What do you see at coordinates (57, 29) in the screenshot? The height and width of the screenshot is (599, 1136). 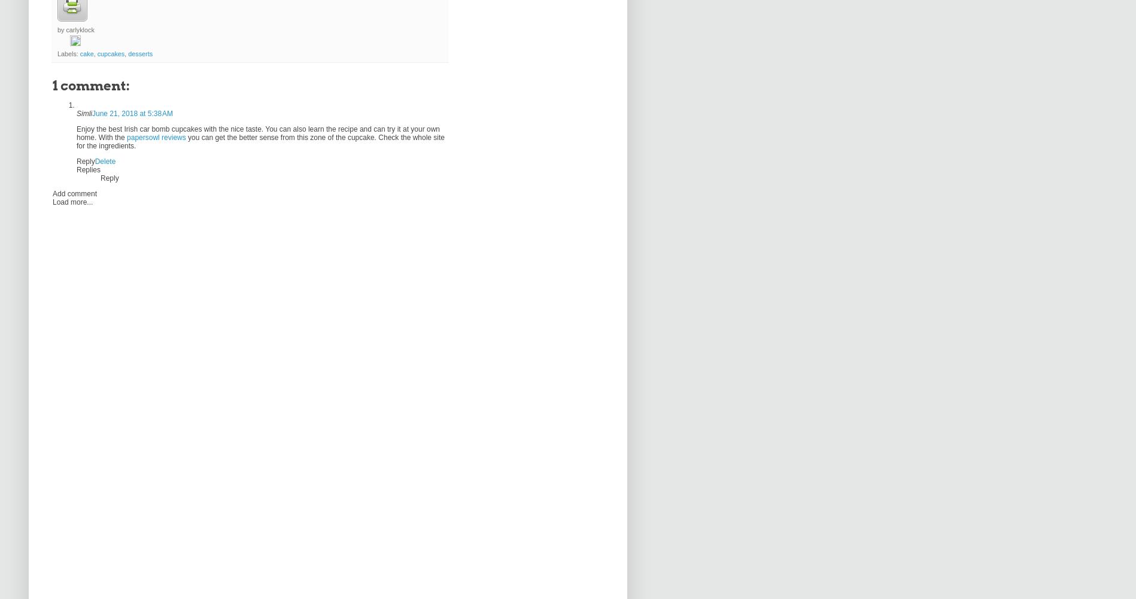 I see `'by'` at bounding box center [57, 29].